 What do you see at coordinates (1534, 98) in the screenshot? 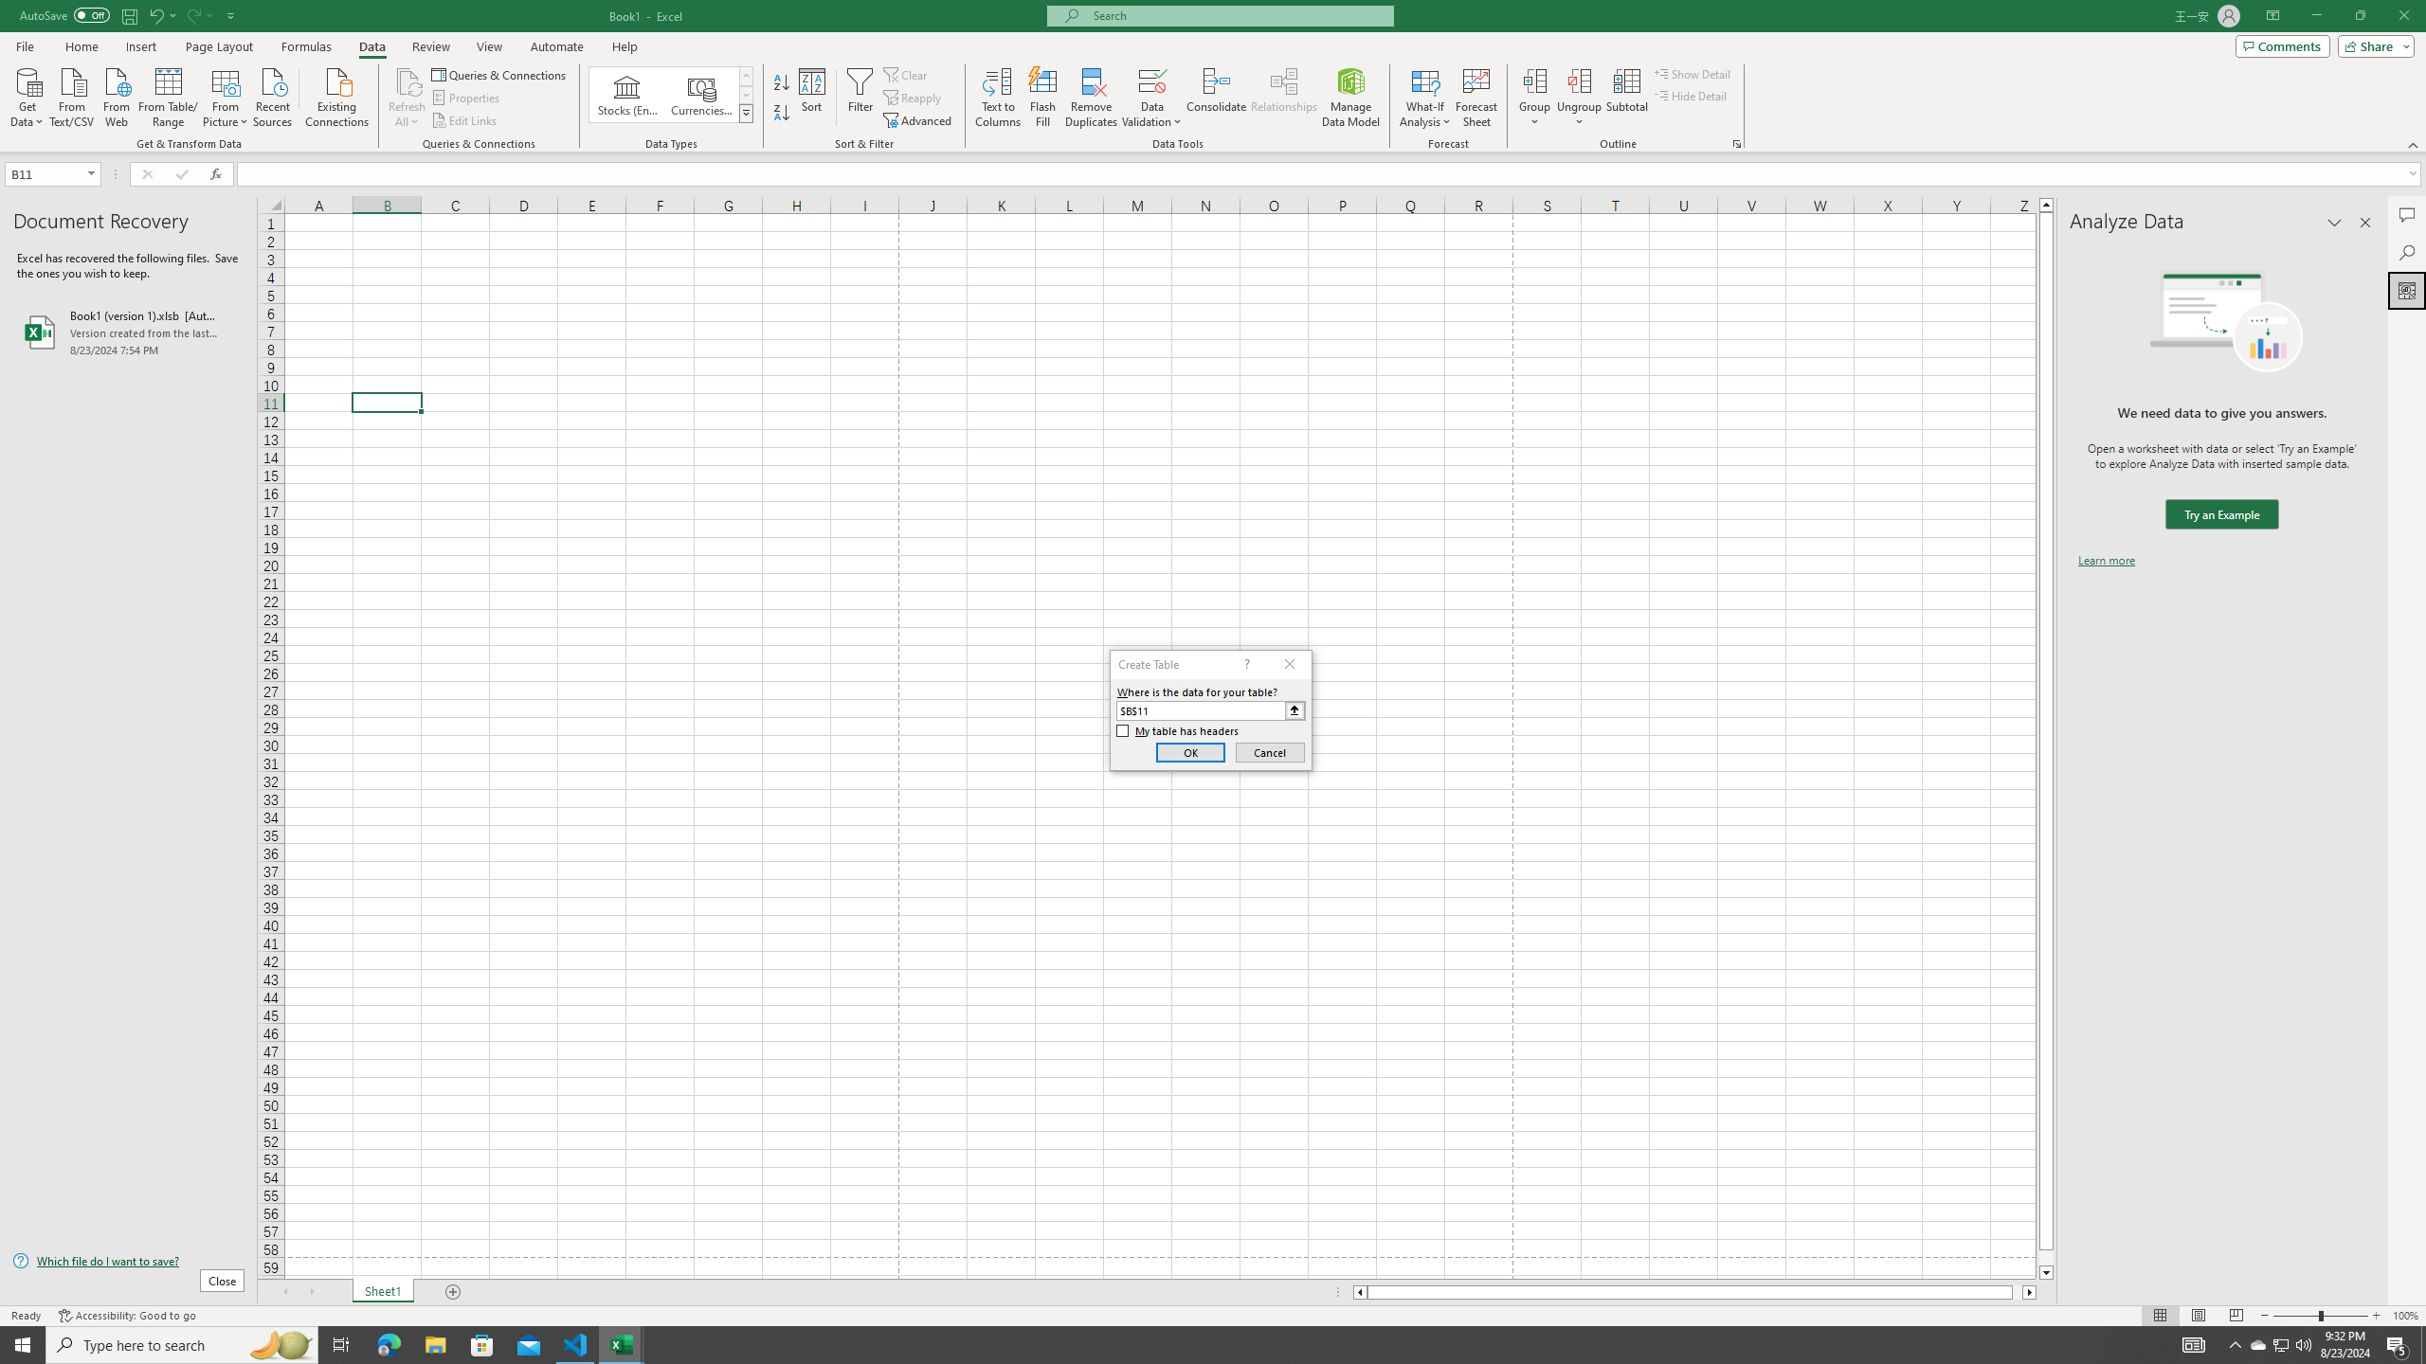
I see `'Group...'` at bounding box center [1534, 98].